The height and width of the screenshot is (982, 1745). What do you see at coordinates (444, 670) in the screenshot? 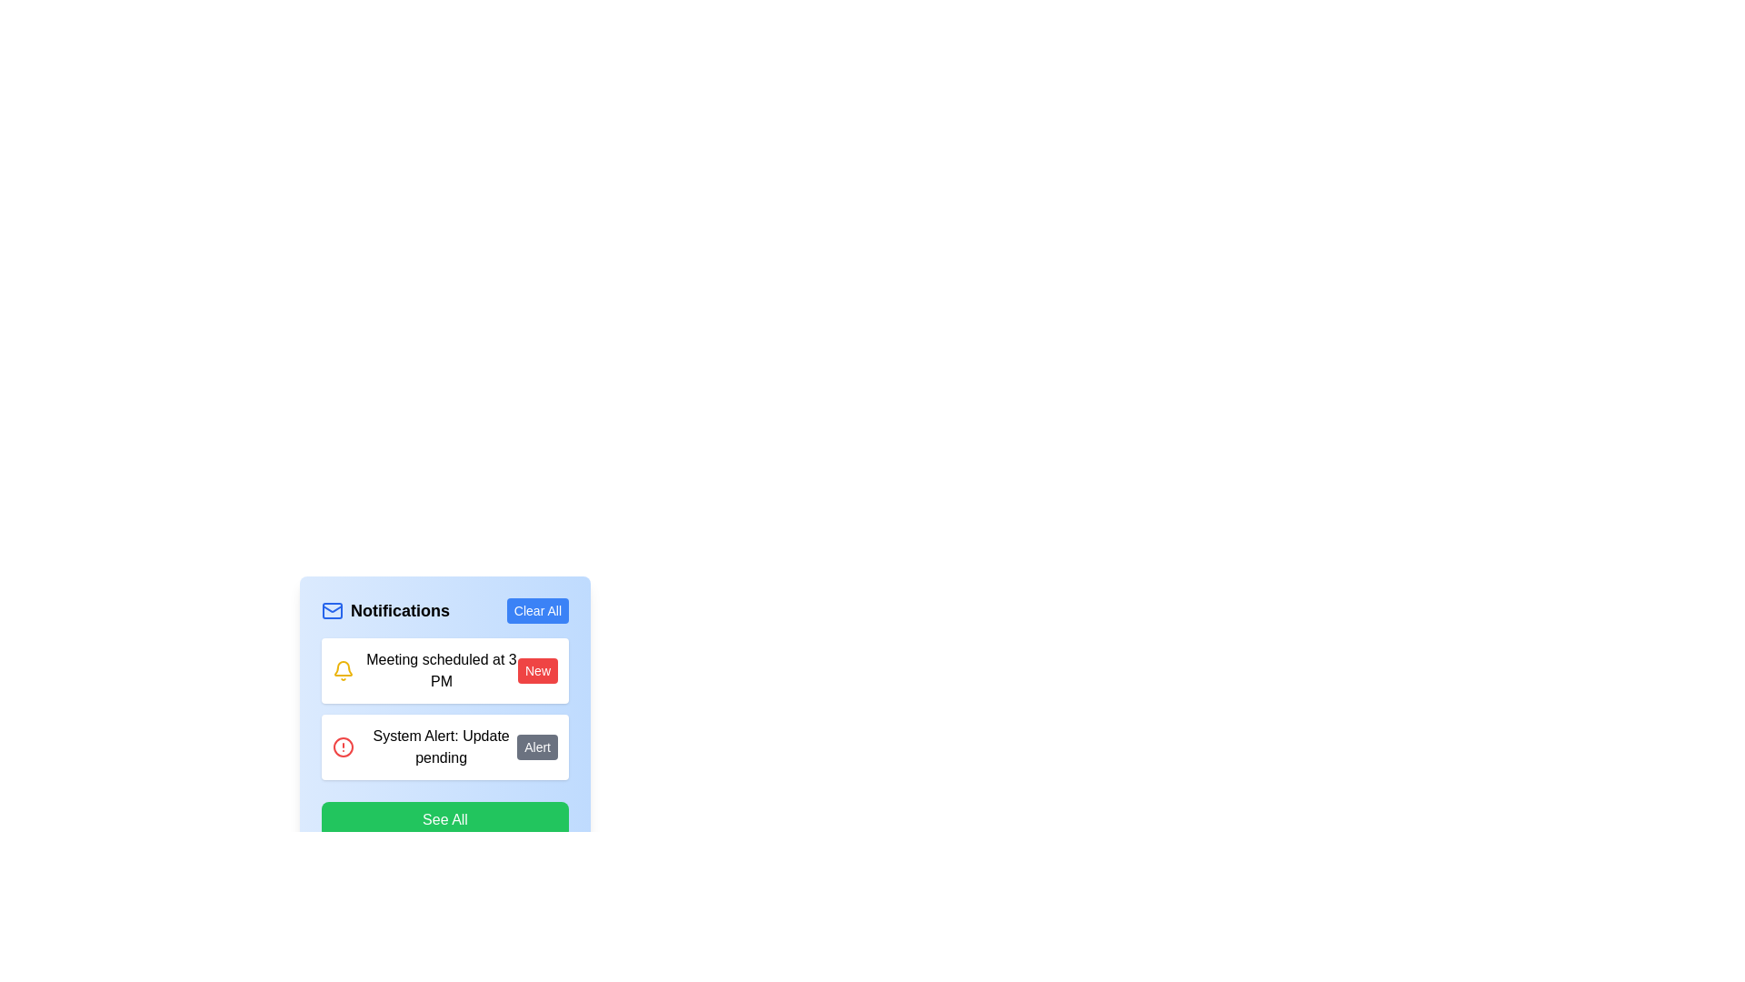
I see `the notification card that displays a scheduled meeting at 3 PM, marked with a red tag` at bounding box center [444, 670].